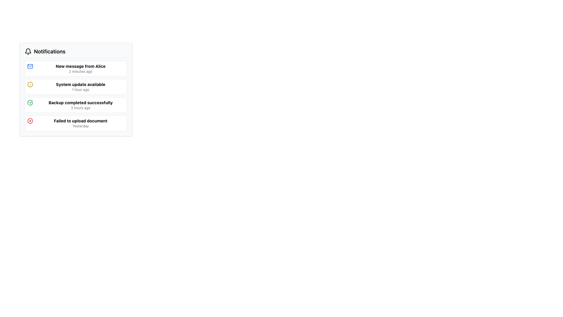  I want to click on the text label that indicates 'System update available' in the second notification card of the notification list, so click(80, 85).